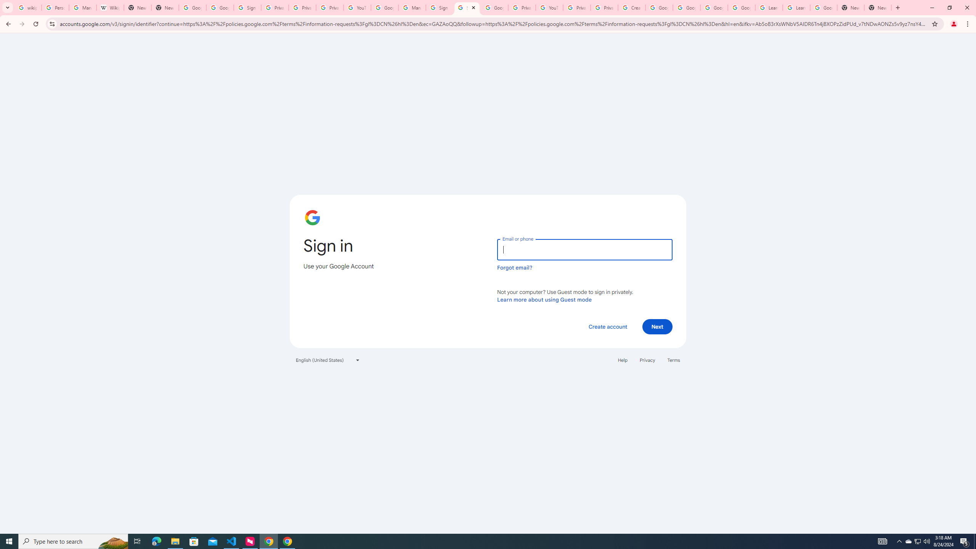 The image size is (976, 549). What do you see at coordinates (55, 7) in the screenshot?
I see `'Personalization & Google Search results - Google Search Help'` at bounding box center [55, 7].